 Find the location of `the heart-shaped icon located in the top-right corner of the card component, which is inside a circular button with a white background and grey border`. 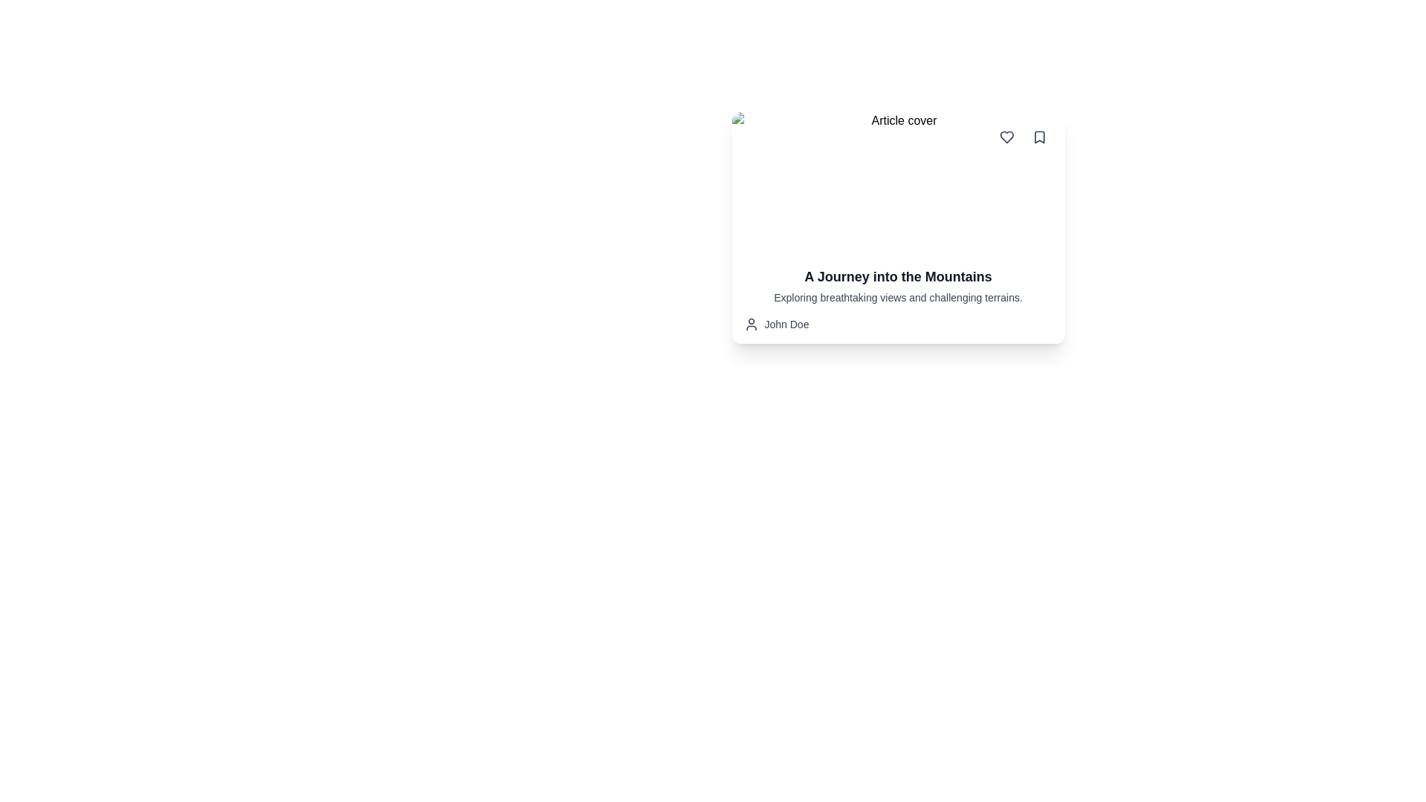

the heart-shaped icon located in the top-right corner of the card component, which is inside a circular button with a white background and grey border is located at coordinates (1006, 137).